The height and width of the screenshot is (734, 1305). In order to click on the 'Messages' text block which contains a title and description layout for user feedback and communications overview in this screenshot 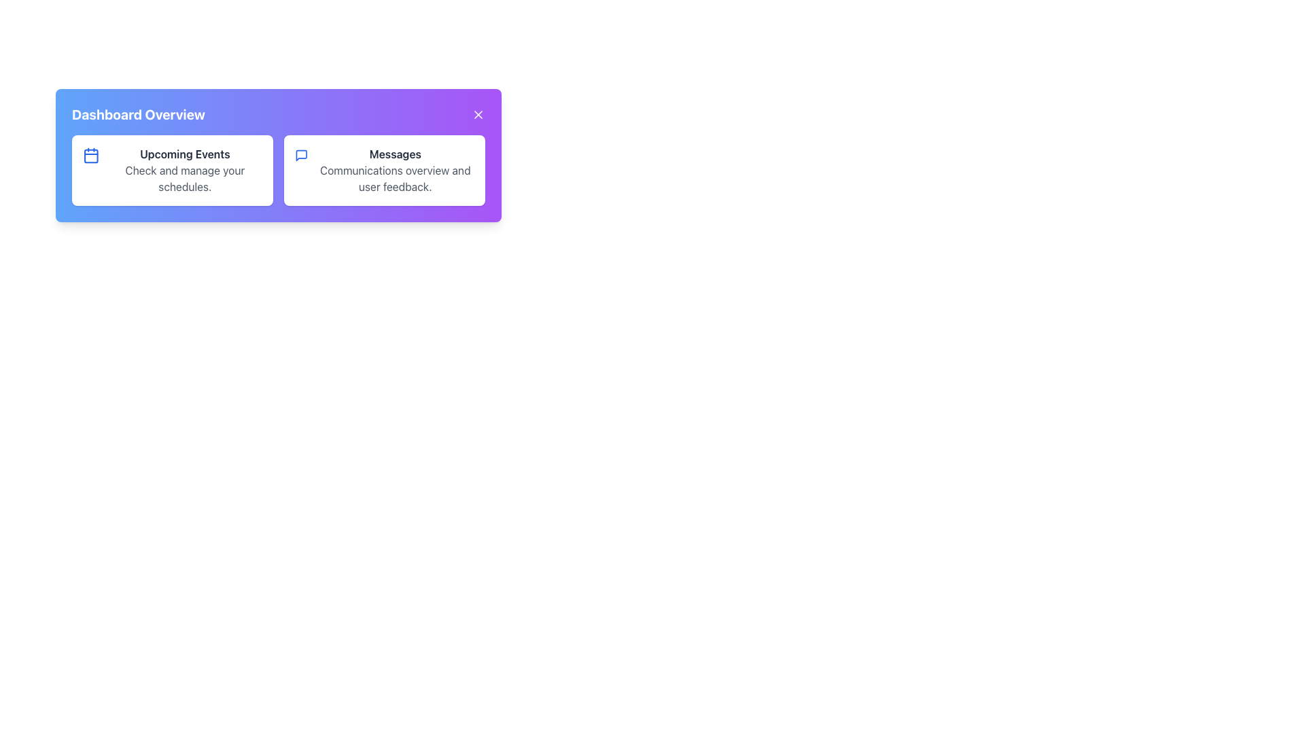, I will do `click(394, 169)`.